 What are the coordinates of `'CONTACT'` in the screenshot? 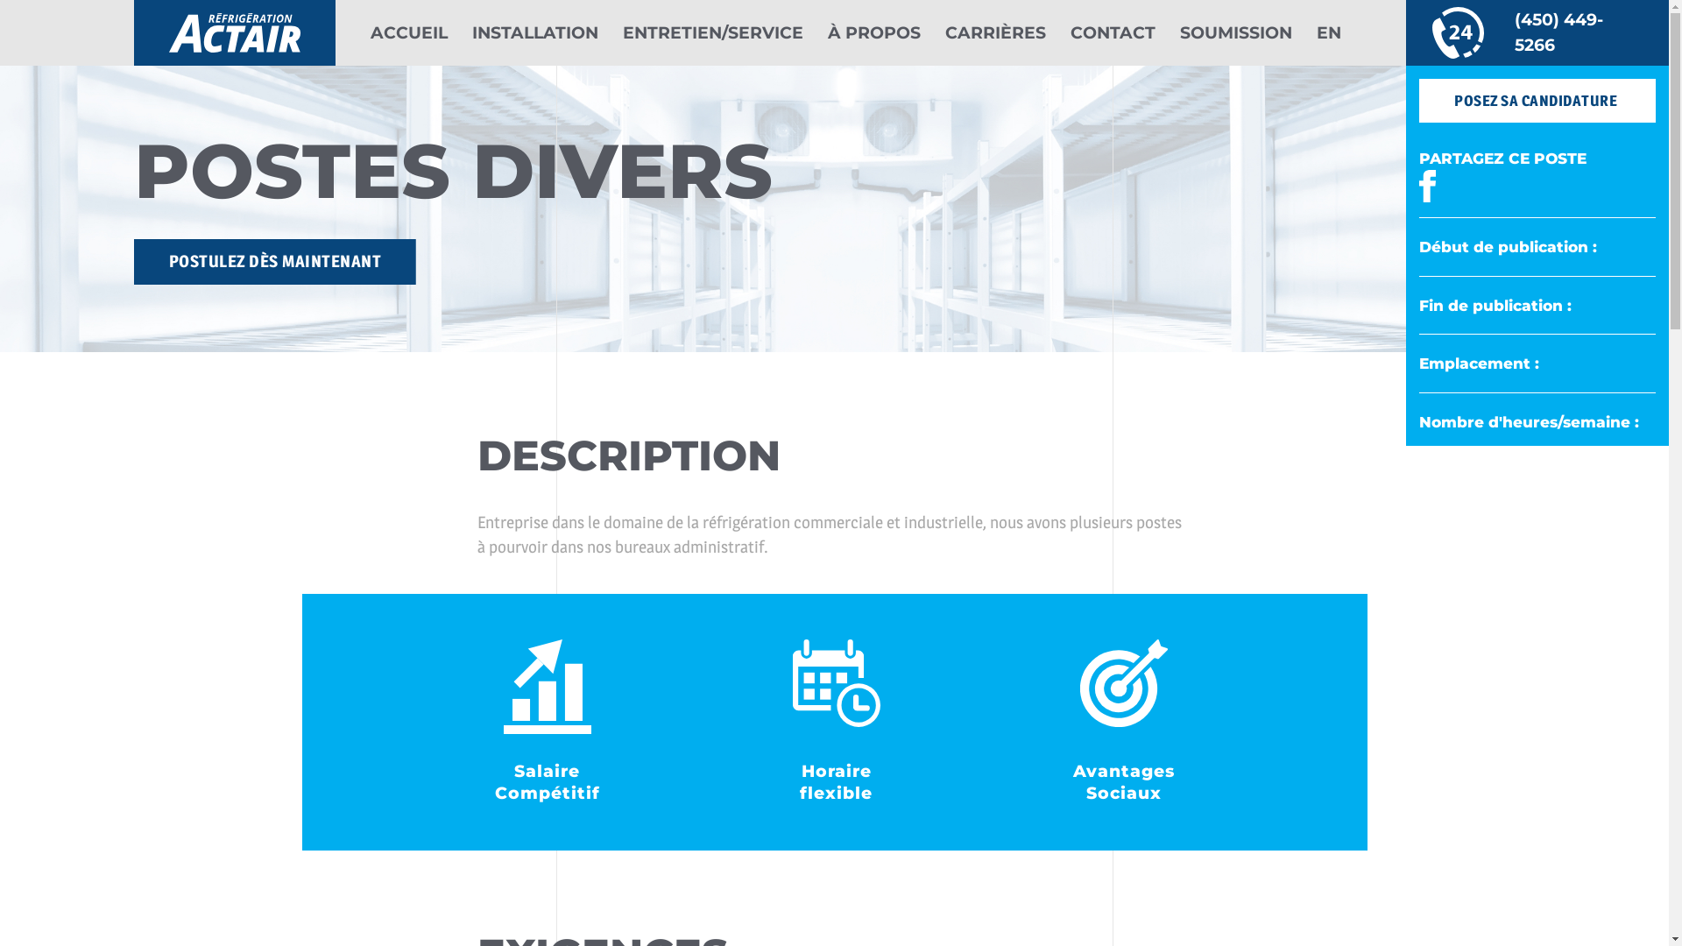 It's located at (1112, 32).